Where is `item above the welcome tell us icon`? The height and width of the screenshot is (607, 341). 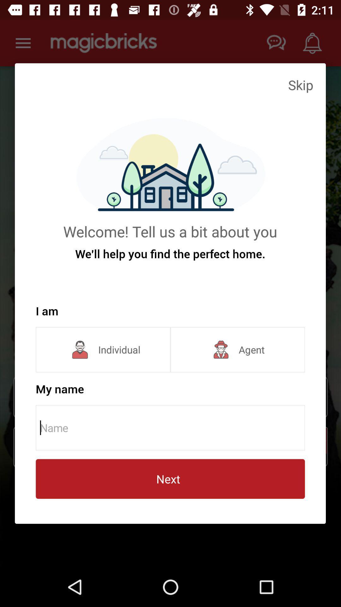
item above the welcome tell us icon is located at coordinates (300, 84).